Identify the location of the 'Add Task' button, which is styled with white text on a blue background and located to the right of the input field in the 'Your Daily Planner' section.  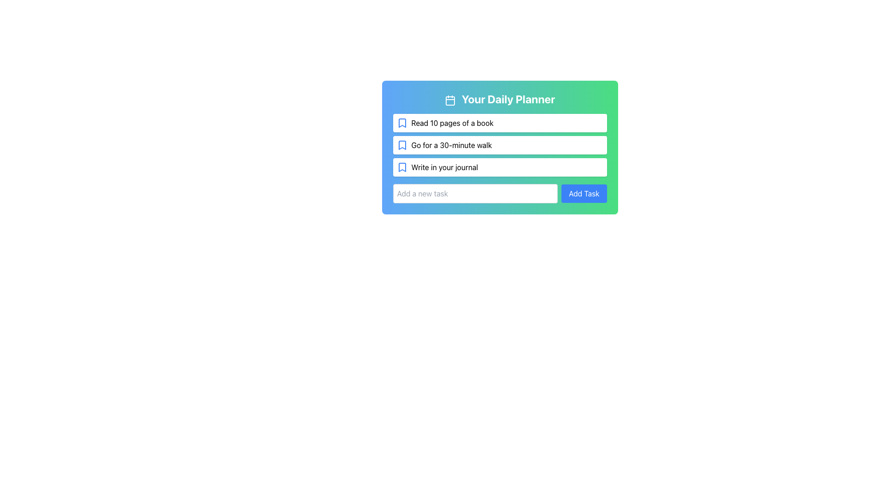
(584, 193).